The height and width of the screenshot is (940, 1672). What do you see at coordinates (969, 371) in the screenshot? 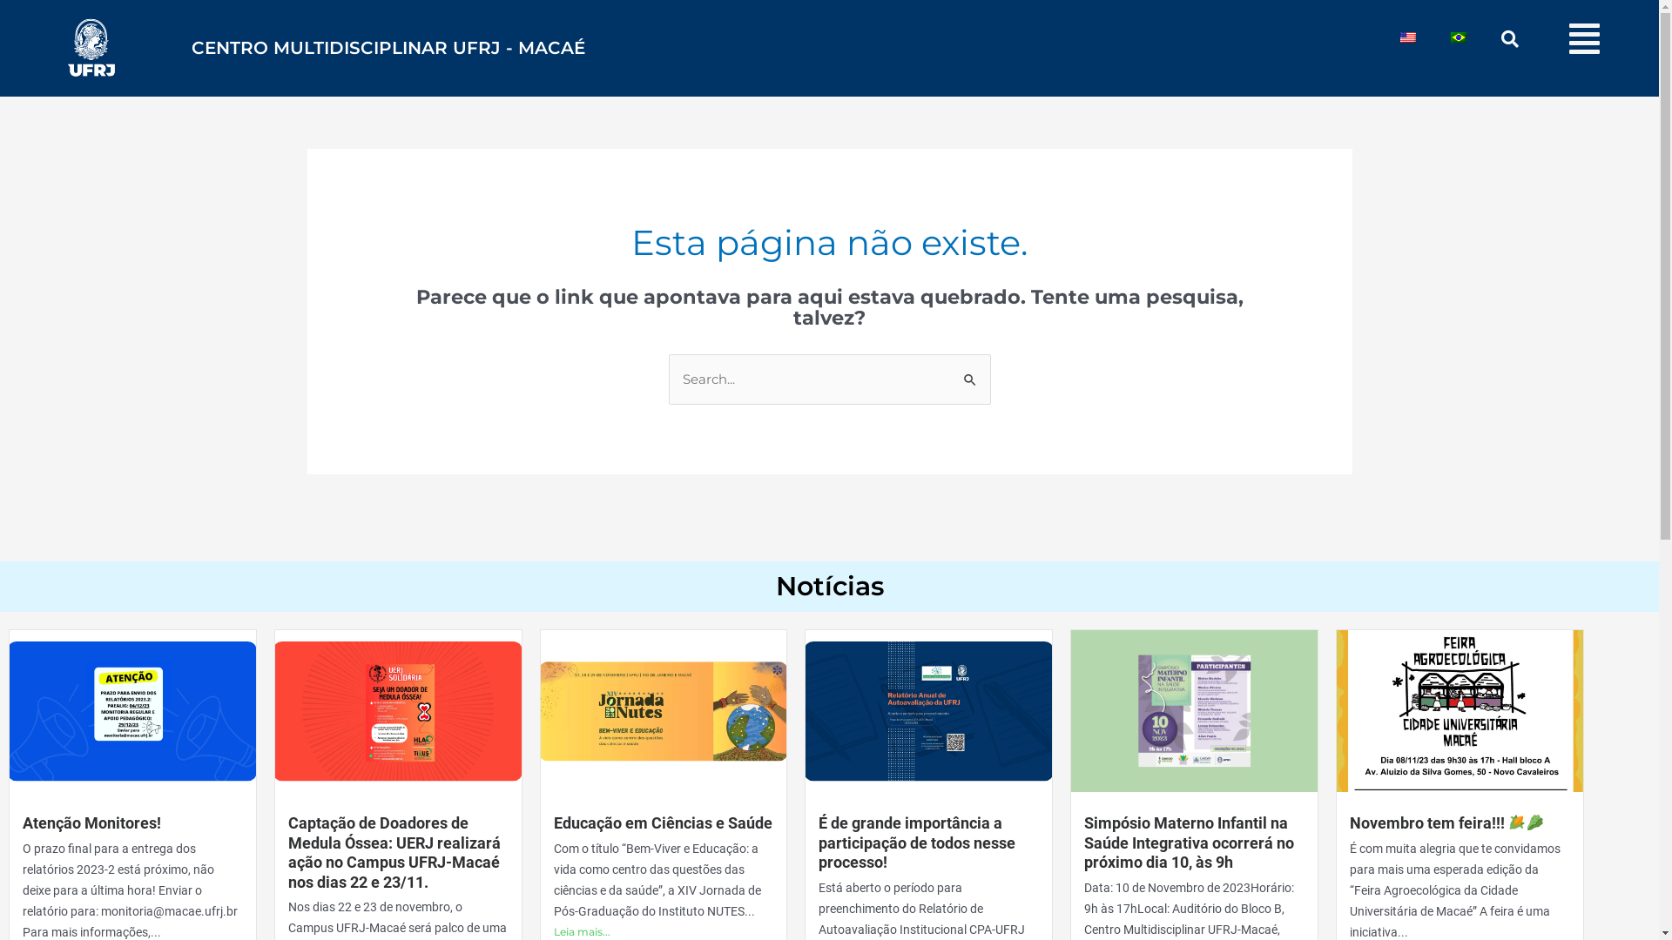
I see `'Pesquisar'` at bounding box center [969, 371].